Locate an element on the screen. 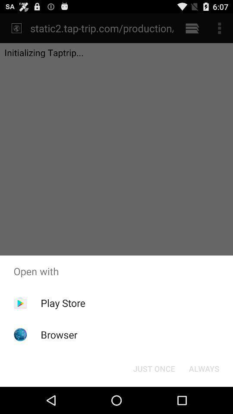  the item next to the always button is located at coordinates (154, 368).